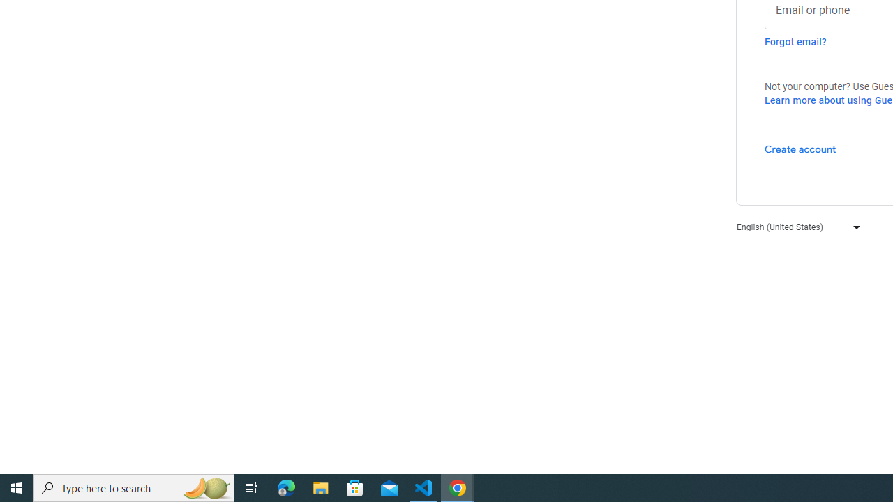  I want to click on 'Create account', so click(800, 149).